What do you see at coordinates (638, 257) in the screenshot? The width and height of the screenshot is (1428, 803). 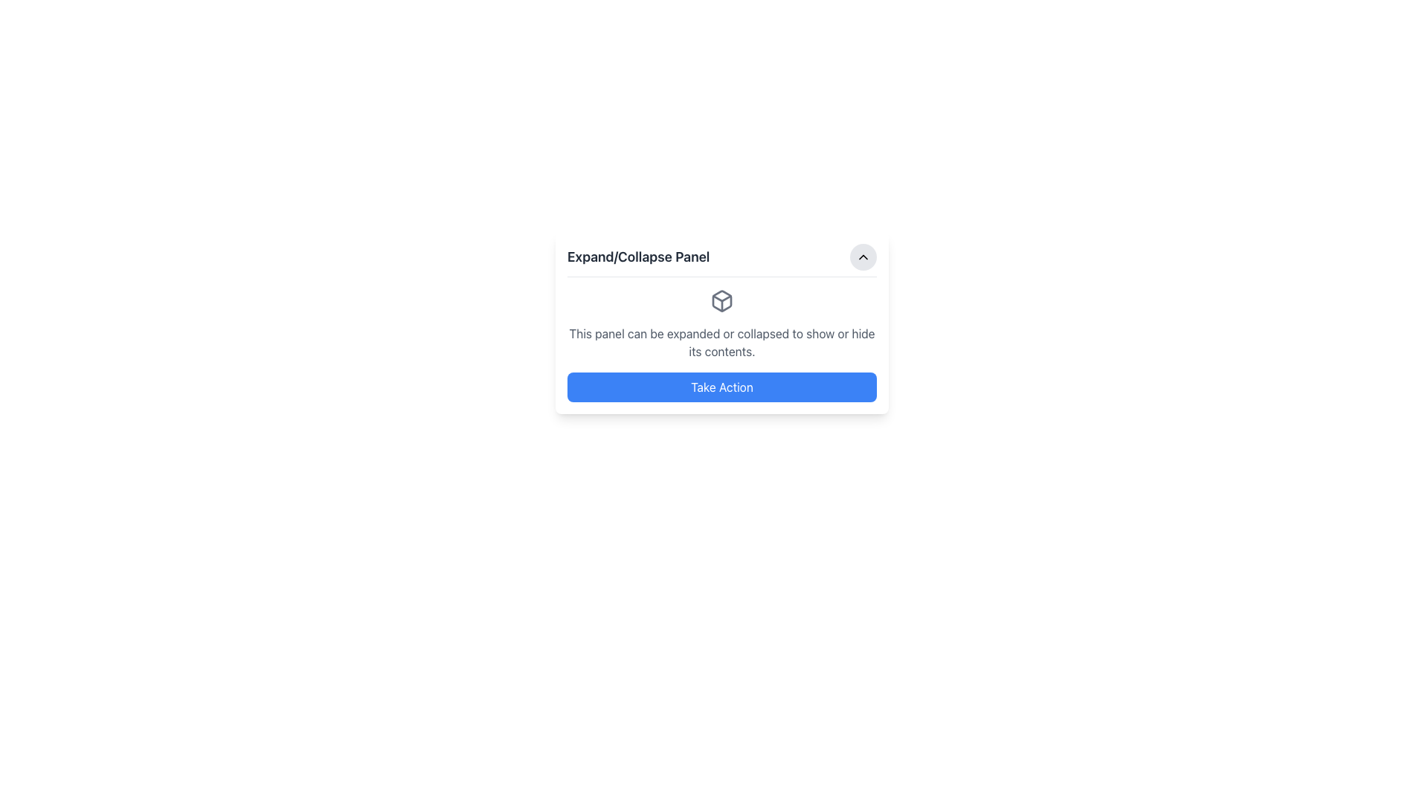 I see `the text label that serves as a title or description for the associated panel by clicking on its center` at bounding box center [638, 257].